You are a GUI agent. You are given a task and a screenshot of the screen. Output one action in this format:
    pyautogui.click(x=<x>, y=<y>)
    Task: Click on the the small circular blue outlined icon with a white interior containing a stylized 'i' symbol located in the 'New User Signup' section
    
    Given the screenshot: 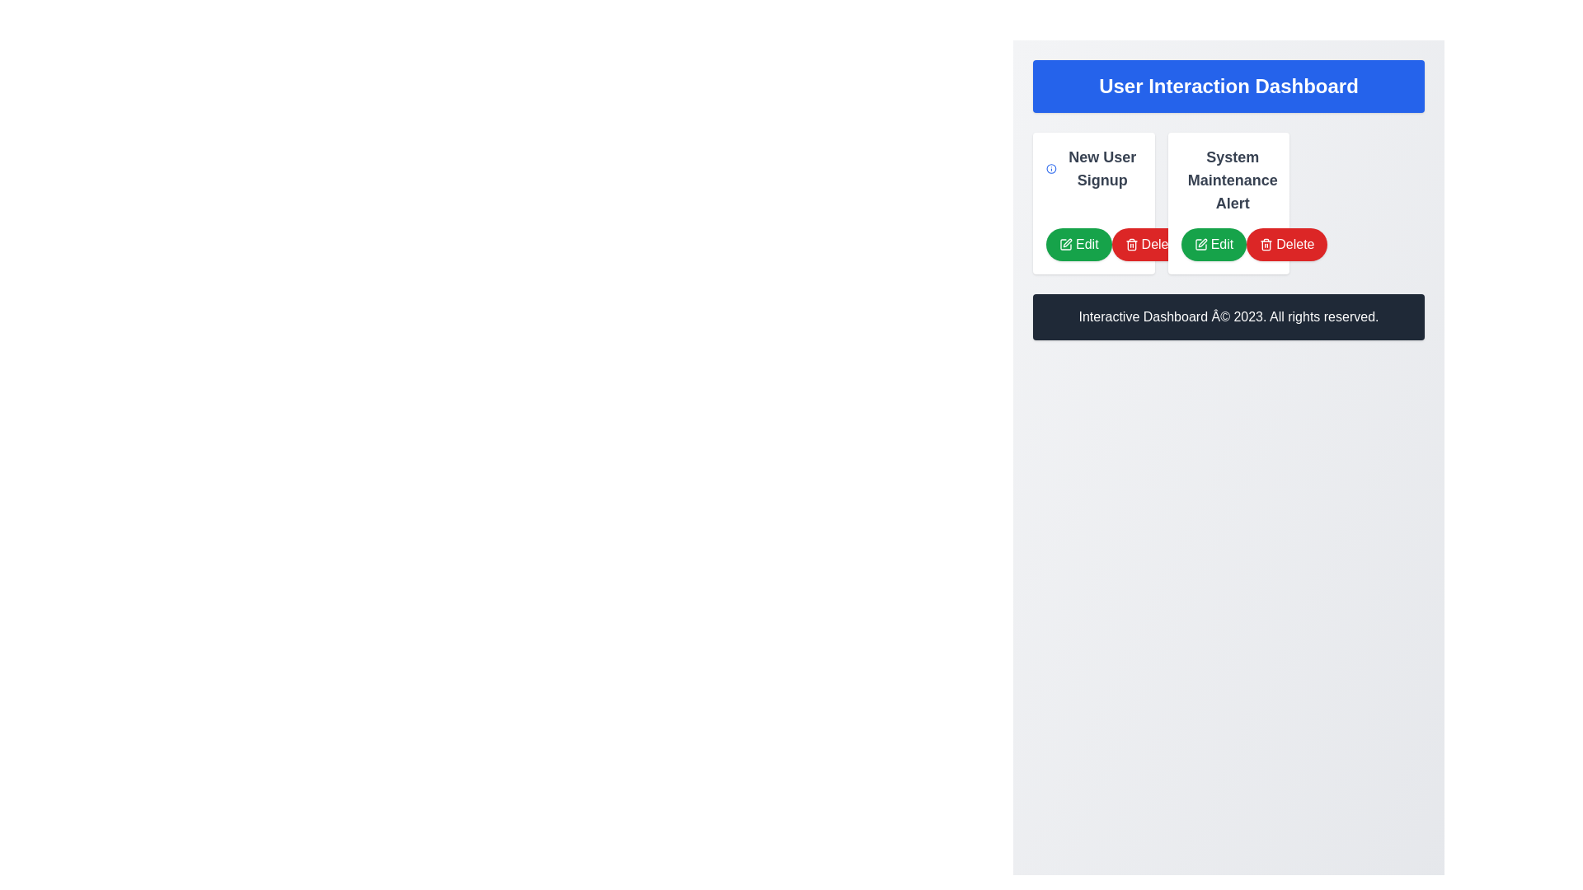 What is the action you would take?
    pyautogui.click(x=1050, y=168)
    